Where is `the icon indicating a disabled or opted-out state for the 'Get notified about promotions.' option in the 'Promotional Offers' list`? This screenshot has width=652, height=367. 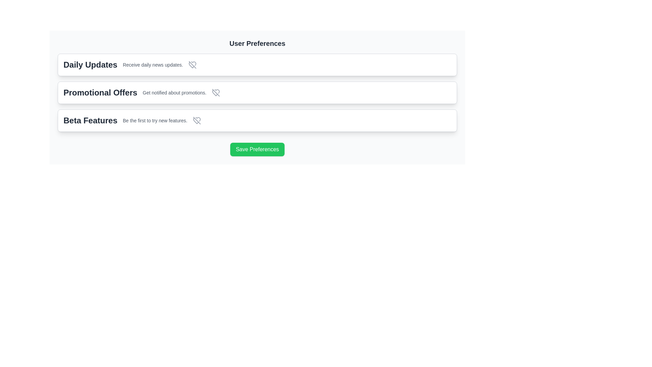 the icon indicating a disabled or opted-out state for the 'Get notified about promotions.' option in the 'Promotional Offers' list is located at coordinates (215, 93).